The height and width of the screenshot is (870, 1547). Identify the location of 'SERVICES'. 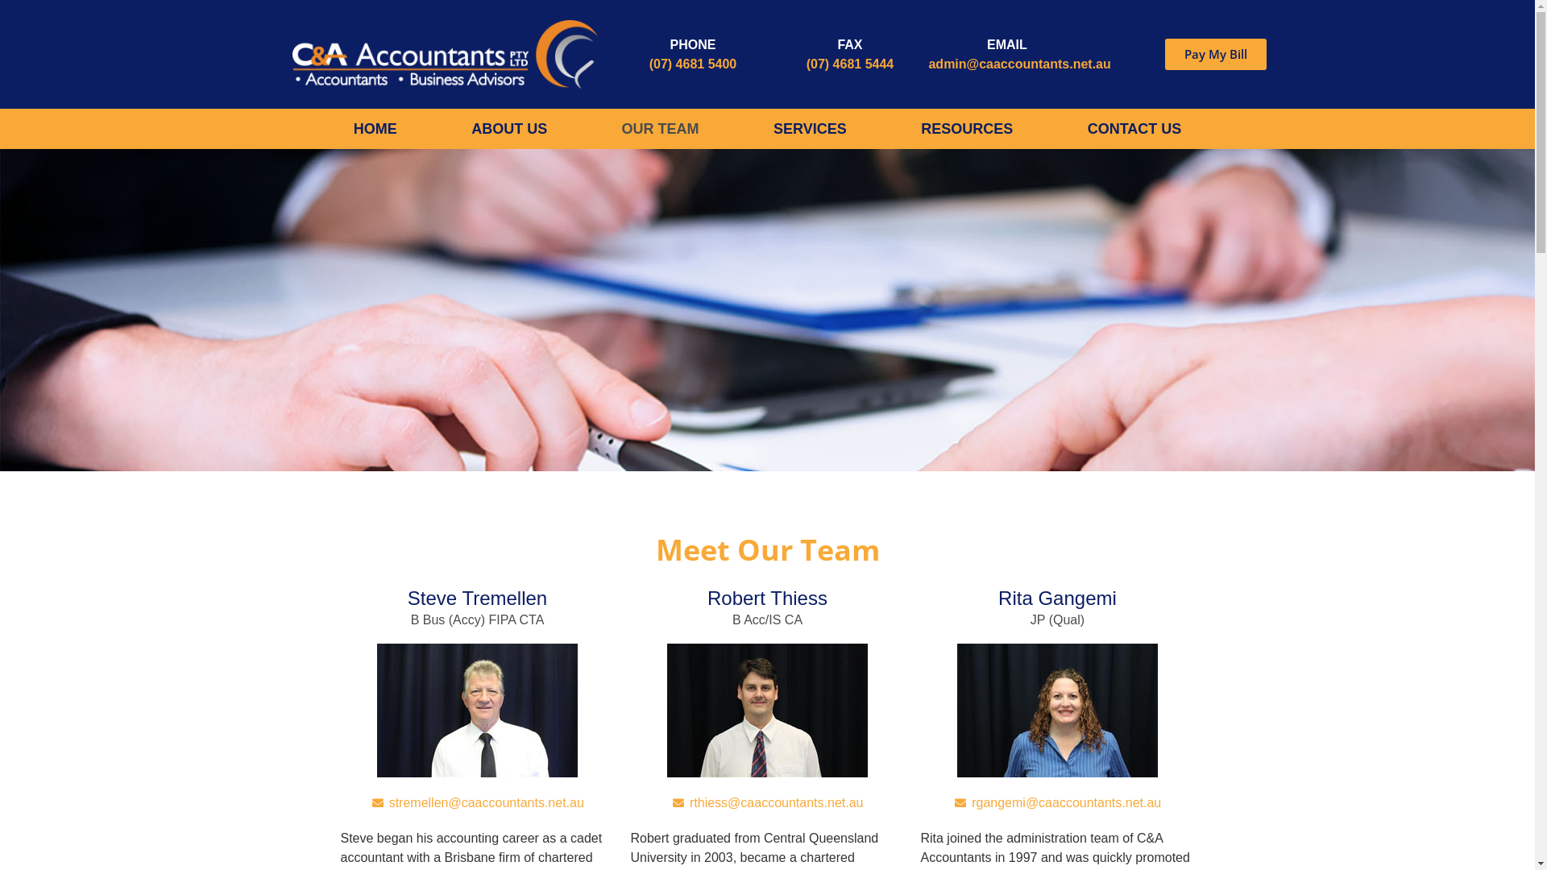
(810, 127).